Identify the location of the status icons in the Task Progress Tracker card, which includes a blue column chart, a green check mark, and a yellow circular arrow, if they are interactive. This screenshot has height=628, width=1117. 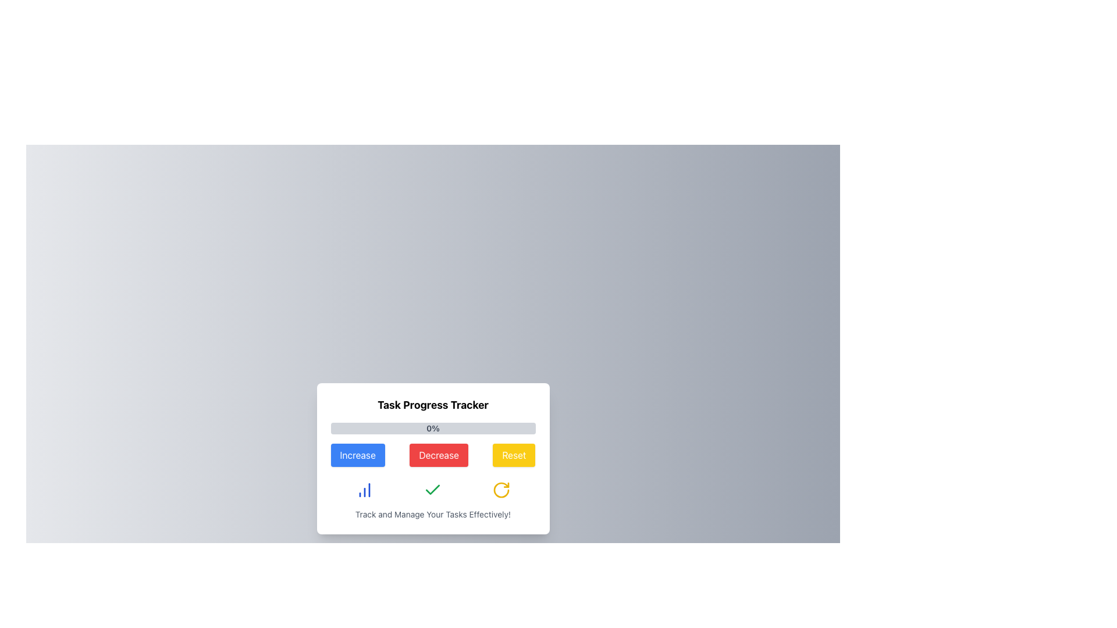
(432, 490).